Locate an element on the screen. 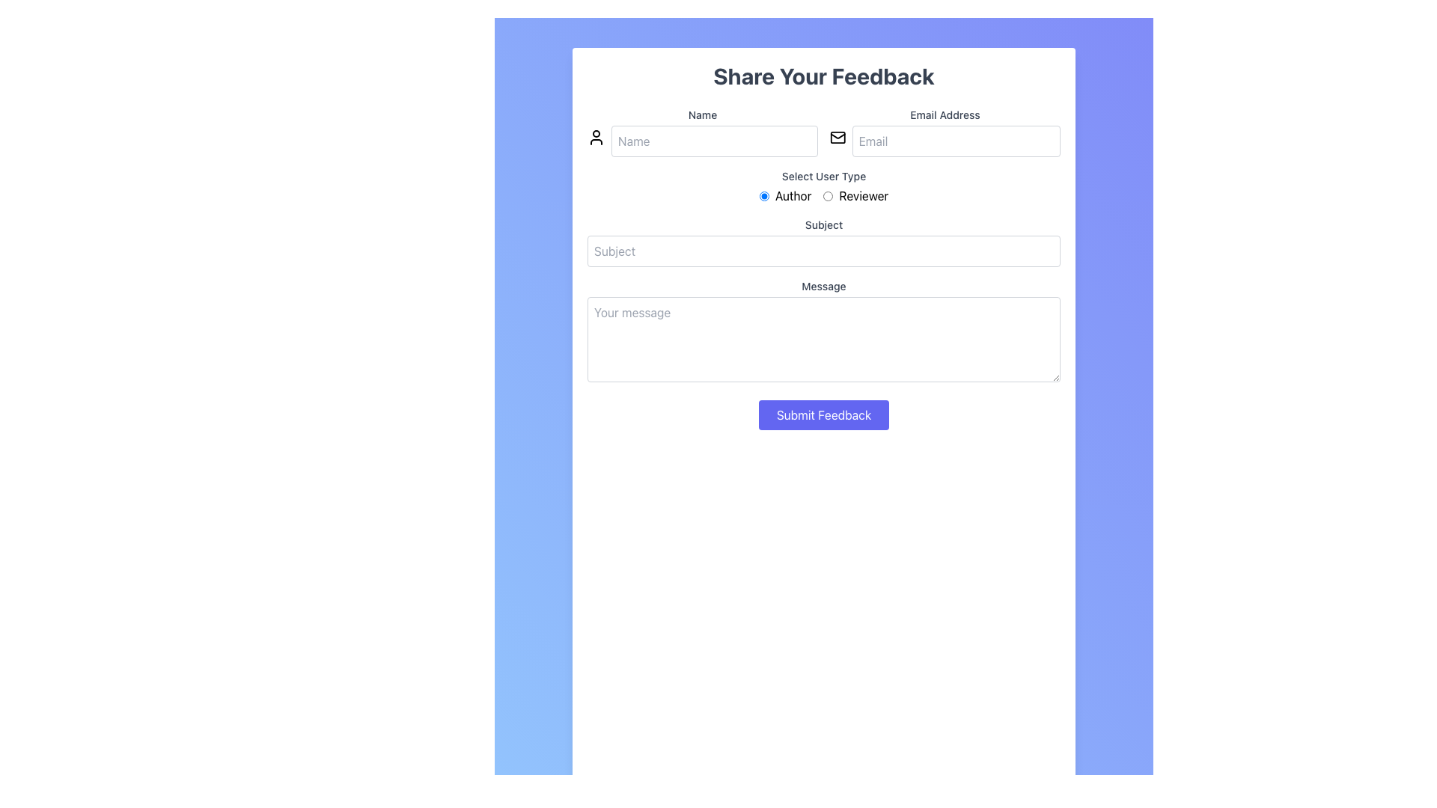  the text label displaying 'Select User Type', which is styled in gray and positioned above the radio buttons for 'Author' and 'Reviewer' is located at coordinates (823, 175).